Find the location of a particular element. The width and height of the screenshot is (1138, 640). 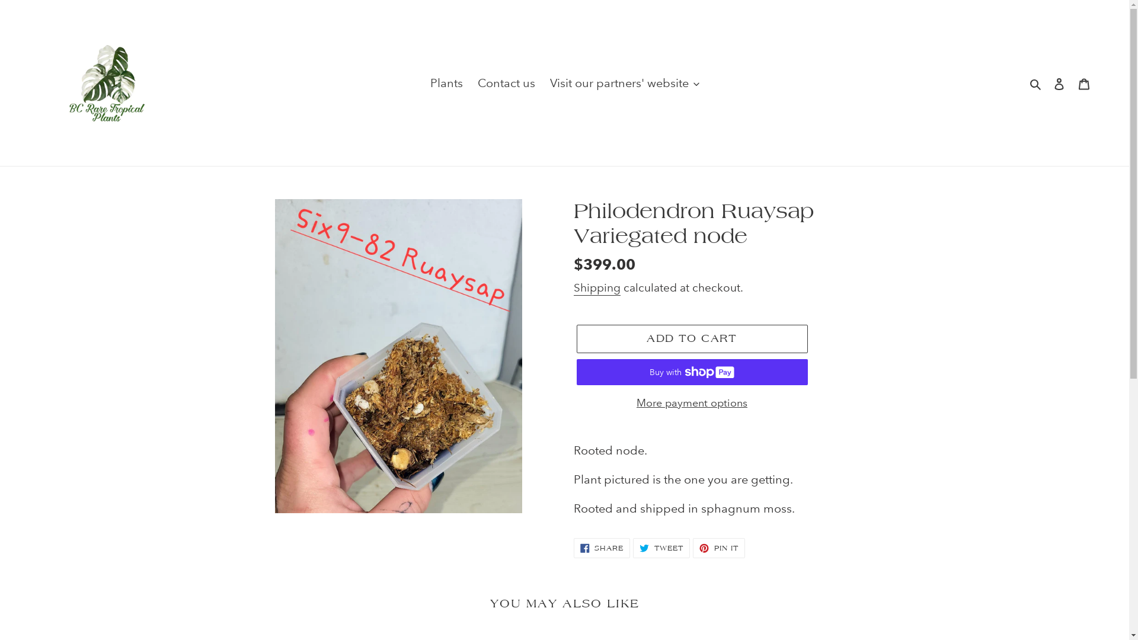

'Shipping' is located at coordinates (597, 288).